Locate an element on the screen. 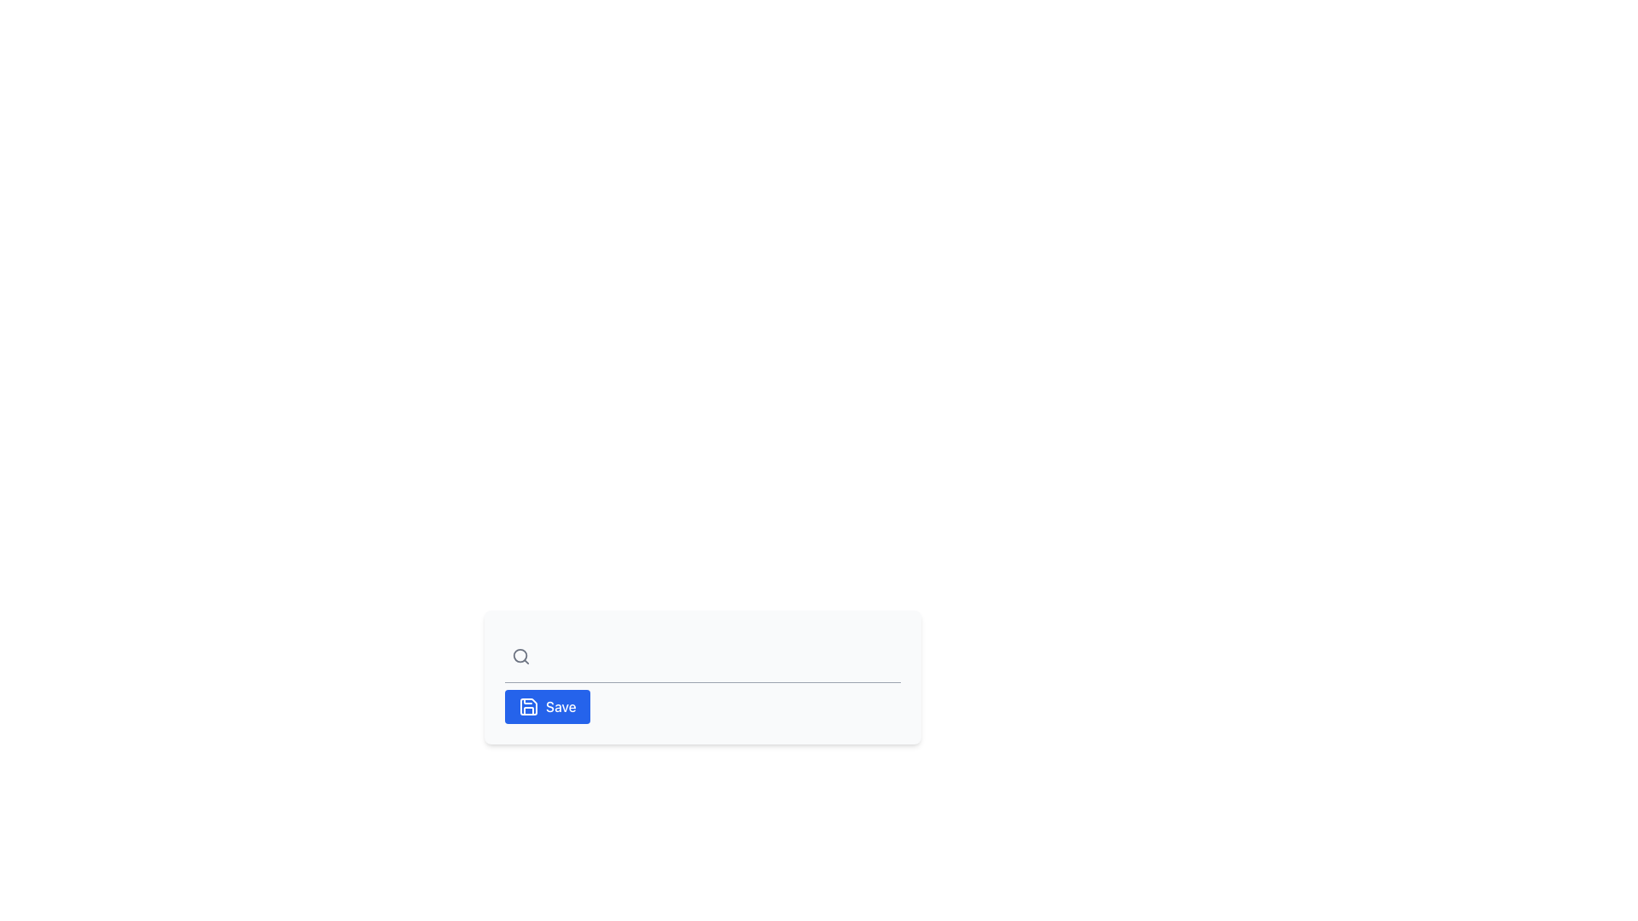 This screenshot has height=921, width=1638. the save button located at the bottom-left of the interface is located at coordinates (547, 707).